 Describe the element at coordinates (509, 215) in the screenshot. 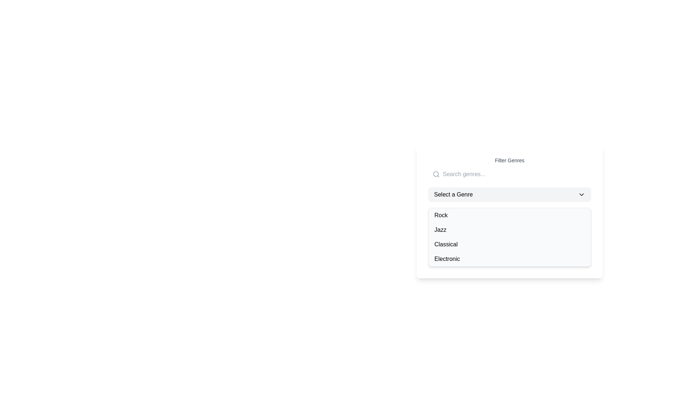

I see `the first item in the genre filter dropdown menu labeled 'Rock'` at that location.